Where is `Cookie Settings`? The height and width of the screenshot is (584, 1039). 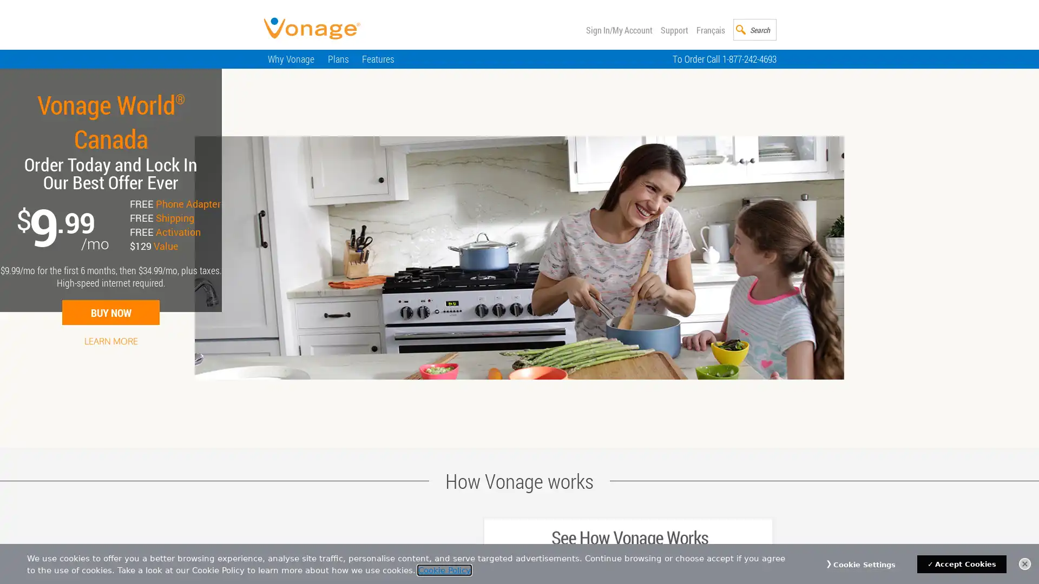
Cookie Settings is located at coordinates (864, 565).